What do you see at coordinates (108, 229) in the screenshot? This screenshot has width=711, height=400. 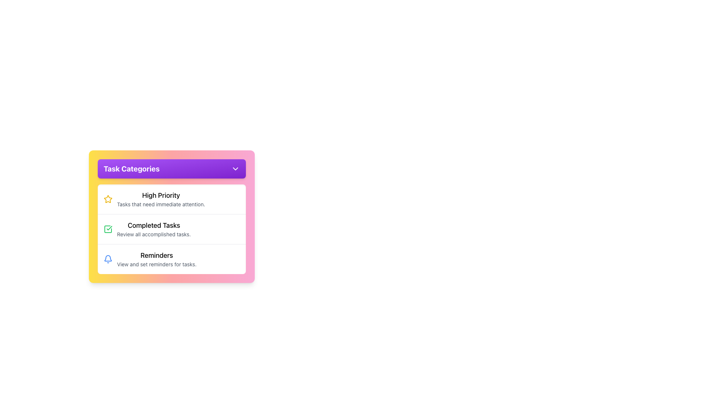 I see `the checkbox icon representing the completion status for tasks in the 'Completed Tasks' section of the display` at bounding box center [108, 229].